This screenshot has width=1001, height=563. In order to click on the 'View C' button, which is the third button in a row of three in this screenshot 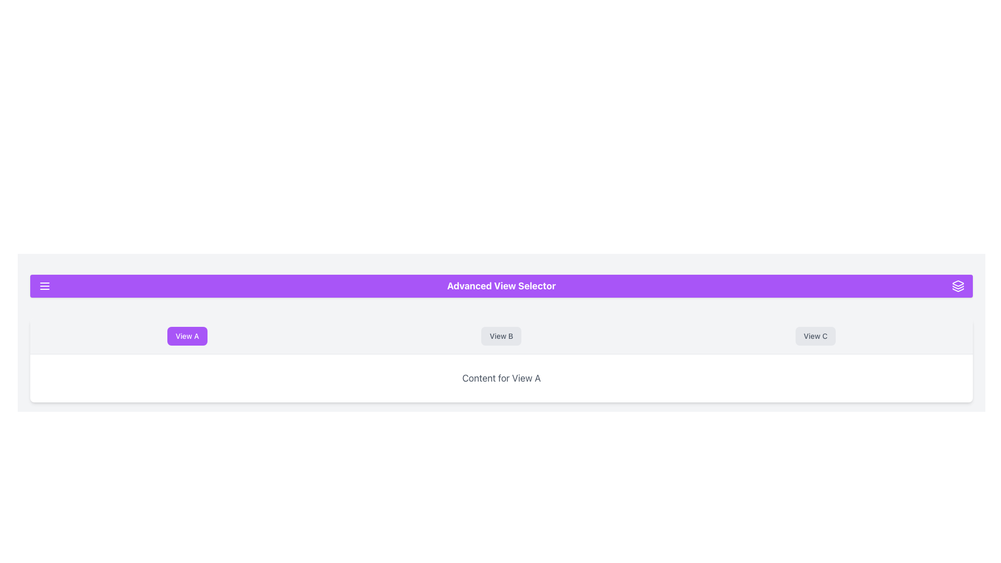, I will do `click(815, 336)`.